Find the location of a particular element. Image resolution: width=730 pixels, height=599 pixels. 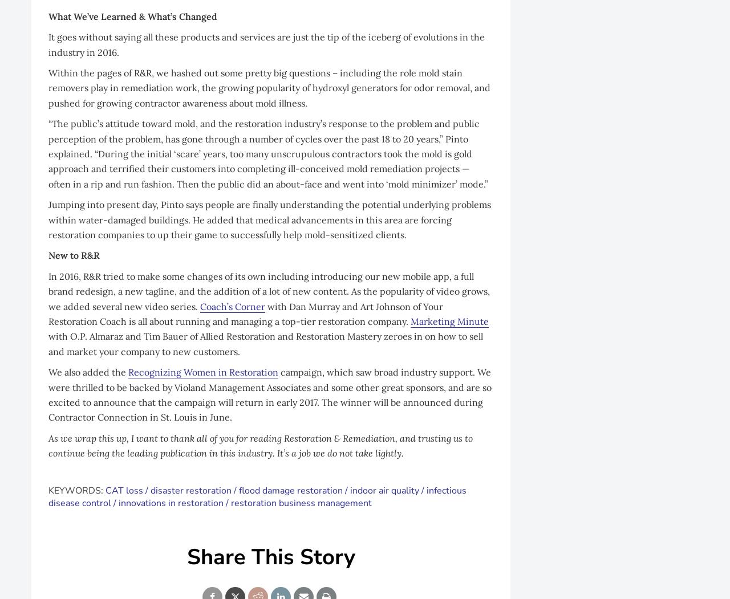

'It goes without saying all these products and services are just the tip of the iceberg of evolutions in the industry in 2016.' is located at coordinates (266, 43).